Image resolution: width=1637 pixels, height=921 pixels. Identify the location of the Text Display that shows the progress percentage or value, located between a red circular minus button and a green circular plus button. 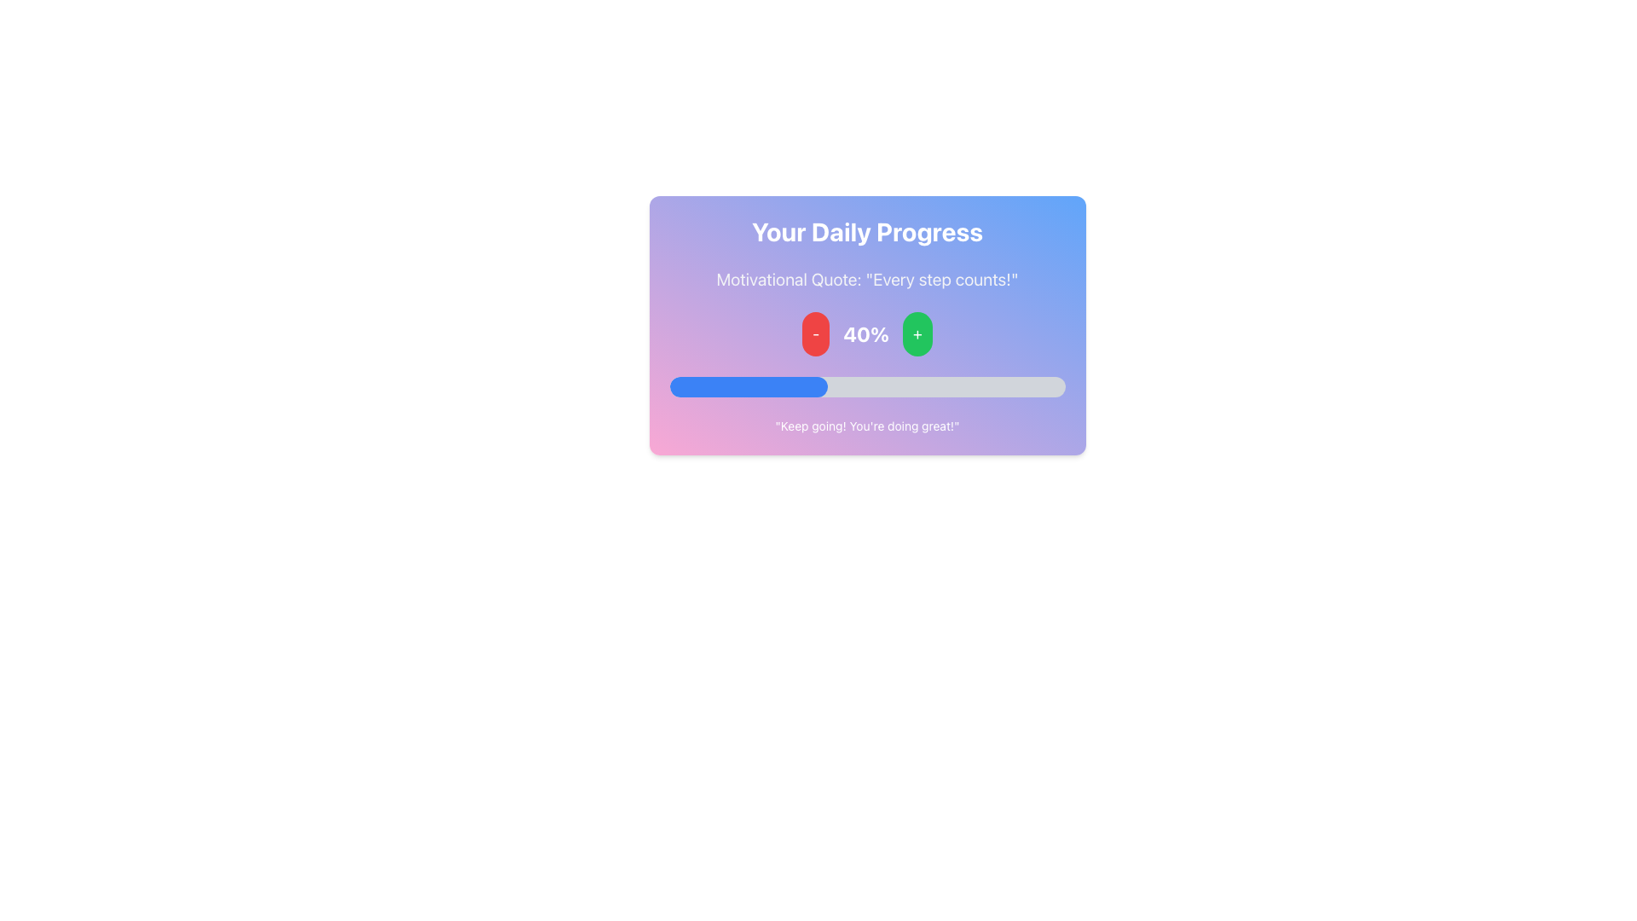
(866, 334).